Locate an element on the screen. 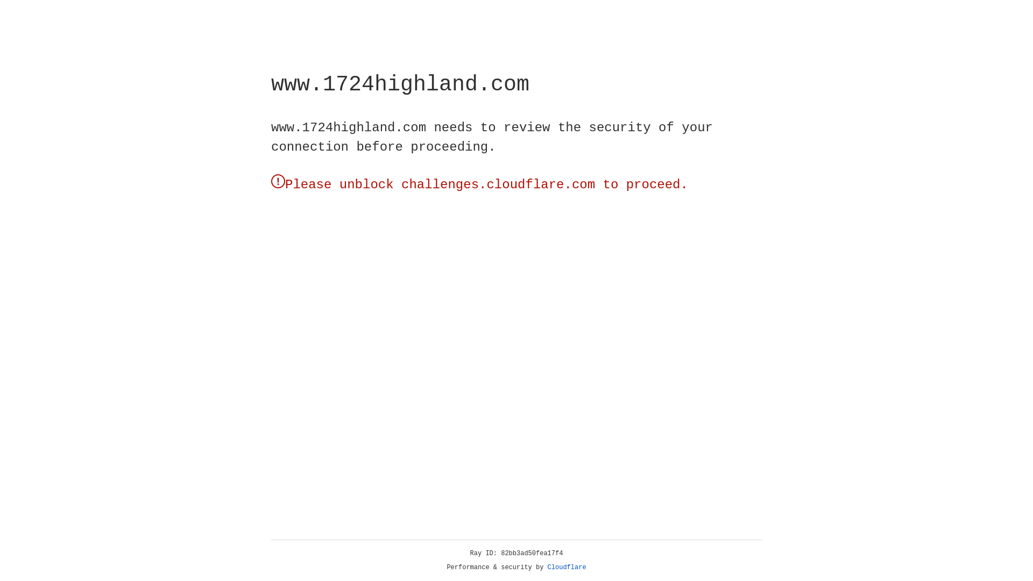 The image size is (1033, 581). 'Cloudflare' is located at coordinates (547, 567).